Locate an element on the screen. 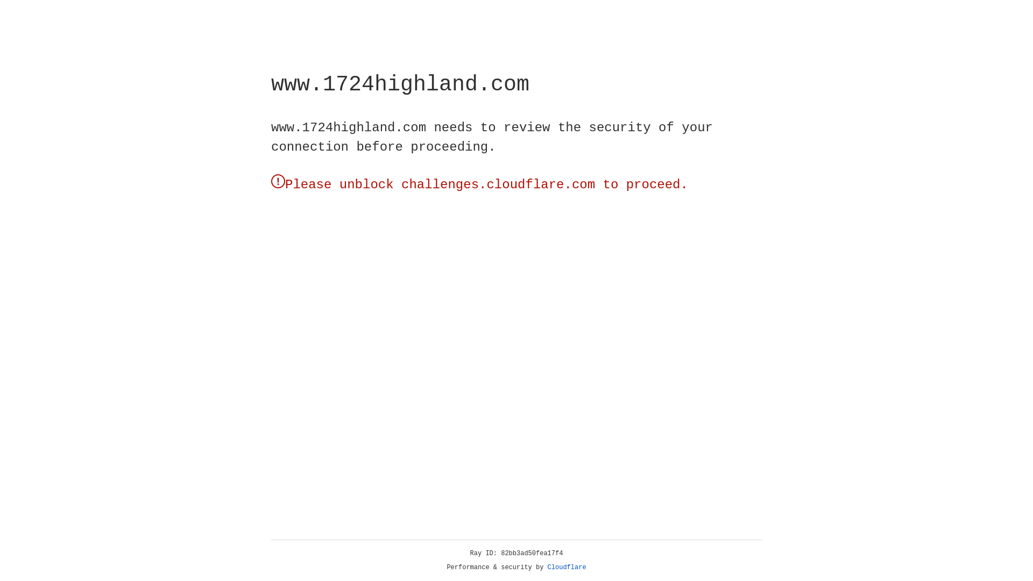 The image size is (1033, 581). 'Cloudflare' is located at coordinates (547, 567).